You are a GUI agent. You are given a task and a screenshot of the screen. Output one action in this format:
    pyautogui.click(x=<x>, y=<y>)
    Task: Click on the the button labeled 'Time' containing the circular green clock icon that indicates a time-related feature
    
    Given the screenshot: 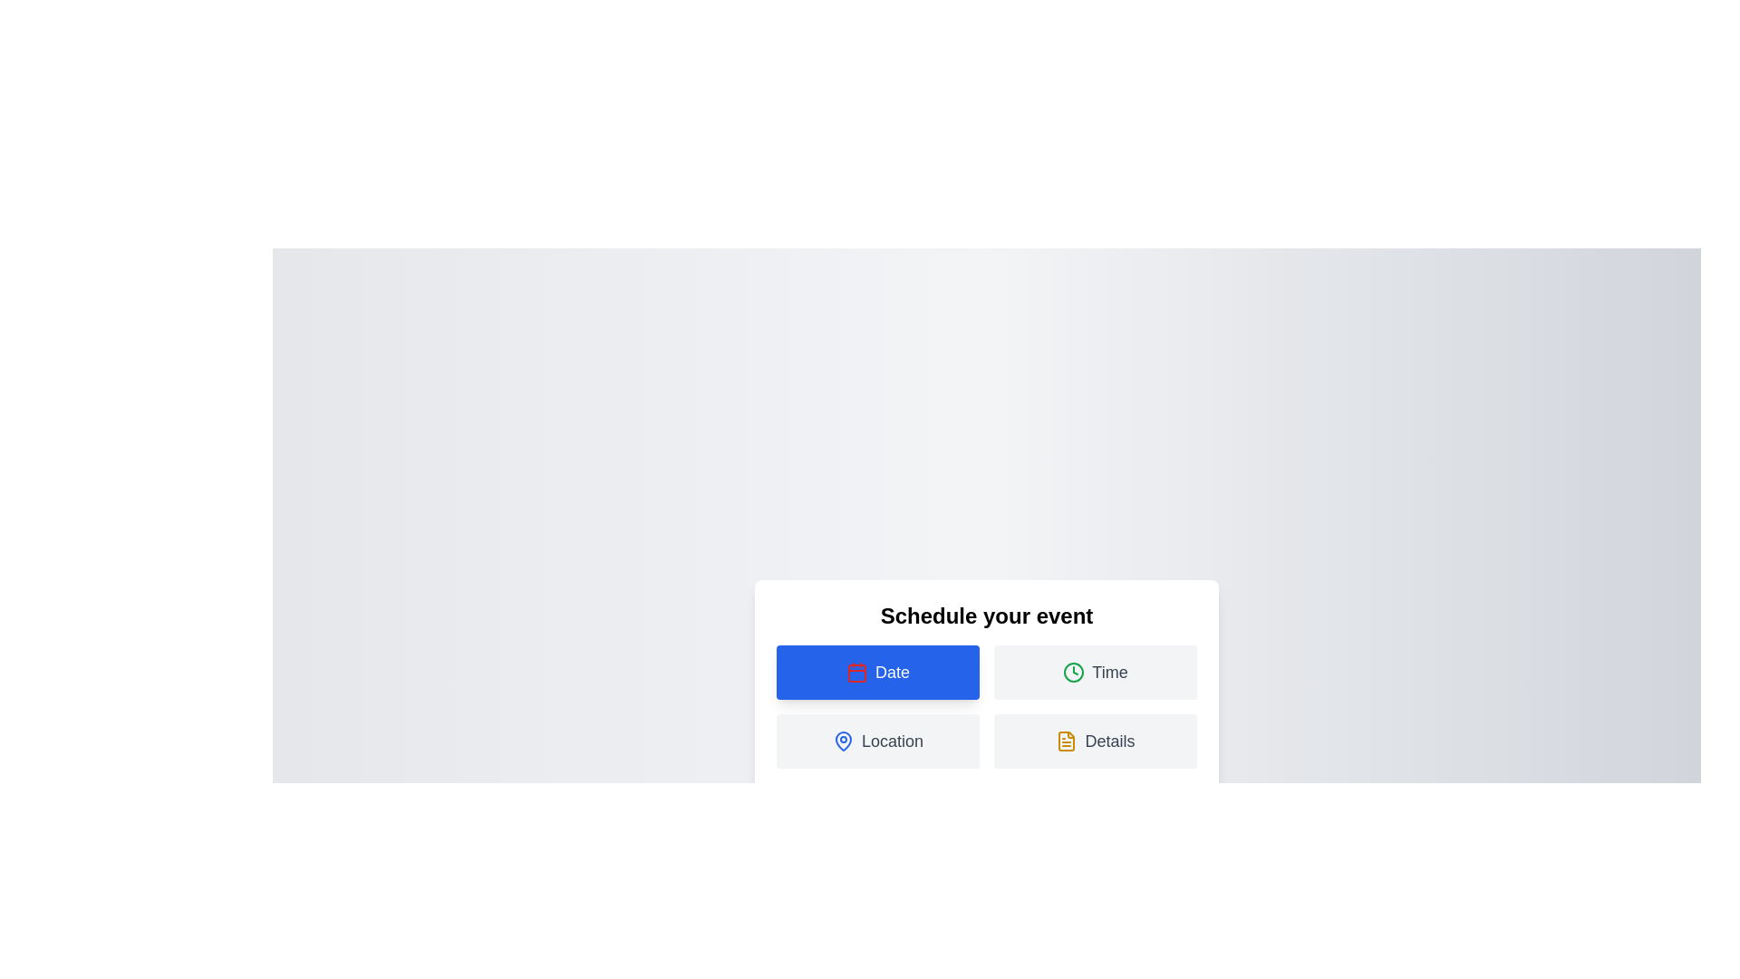 What is the action you would take?
    pyautogui.click(x=1074, y=672)
    